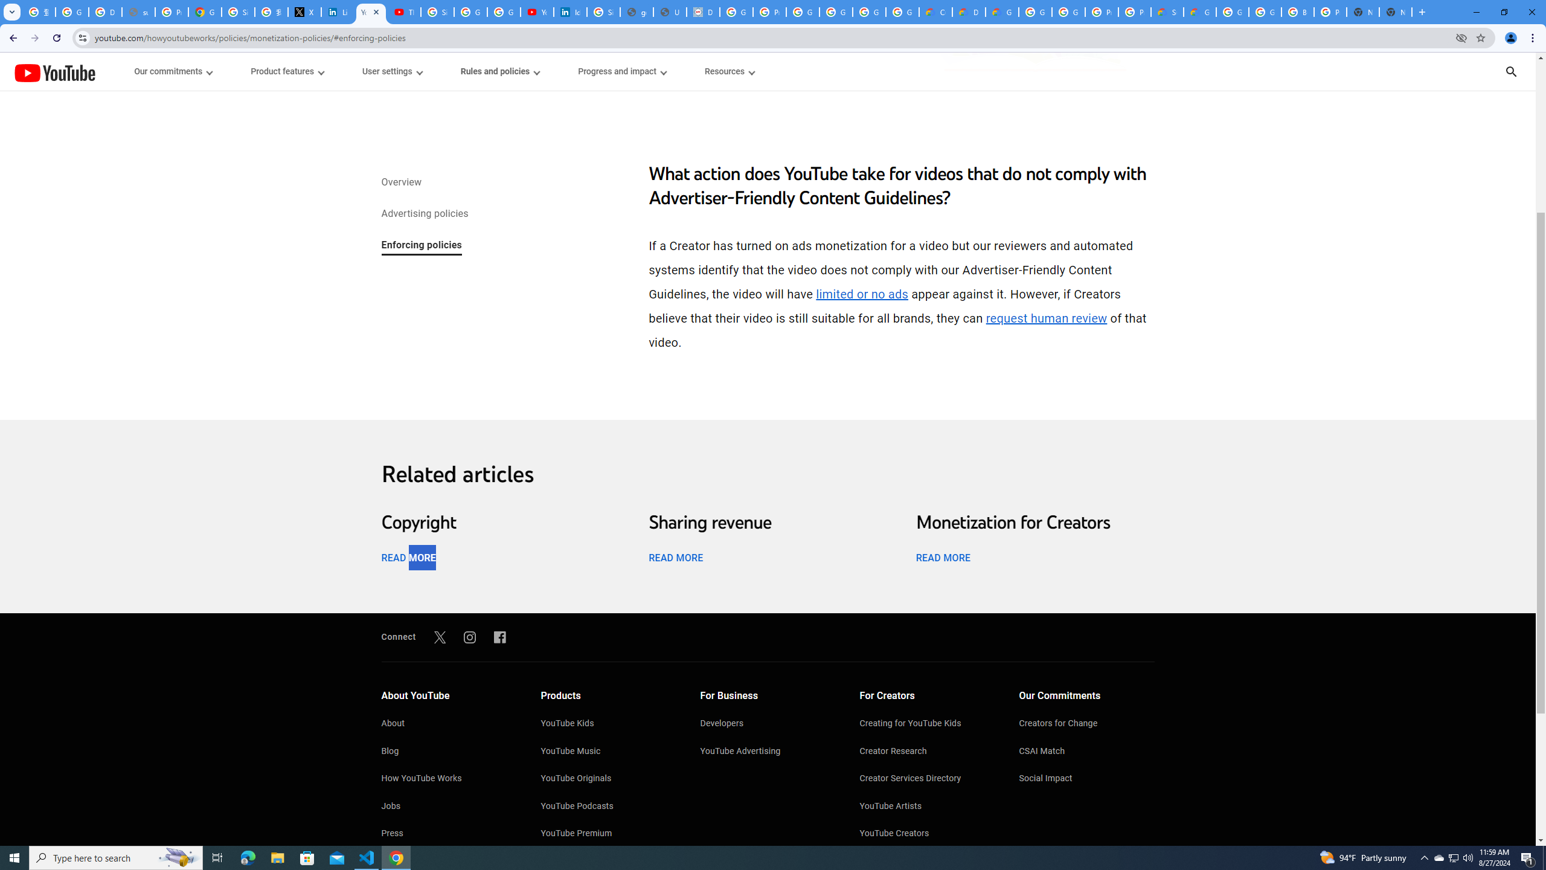  Describe the element at coordinates (608, 779) in the screenshot. I see `'YouTube Originals'` at that location.